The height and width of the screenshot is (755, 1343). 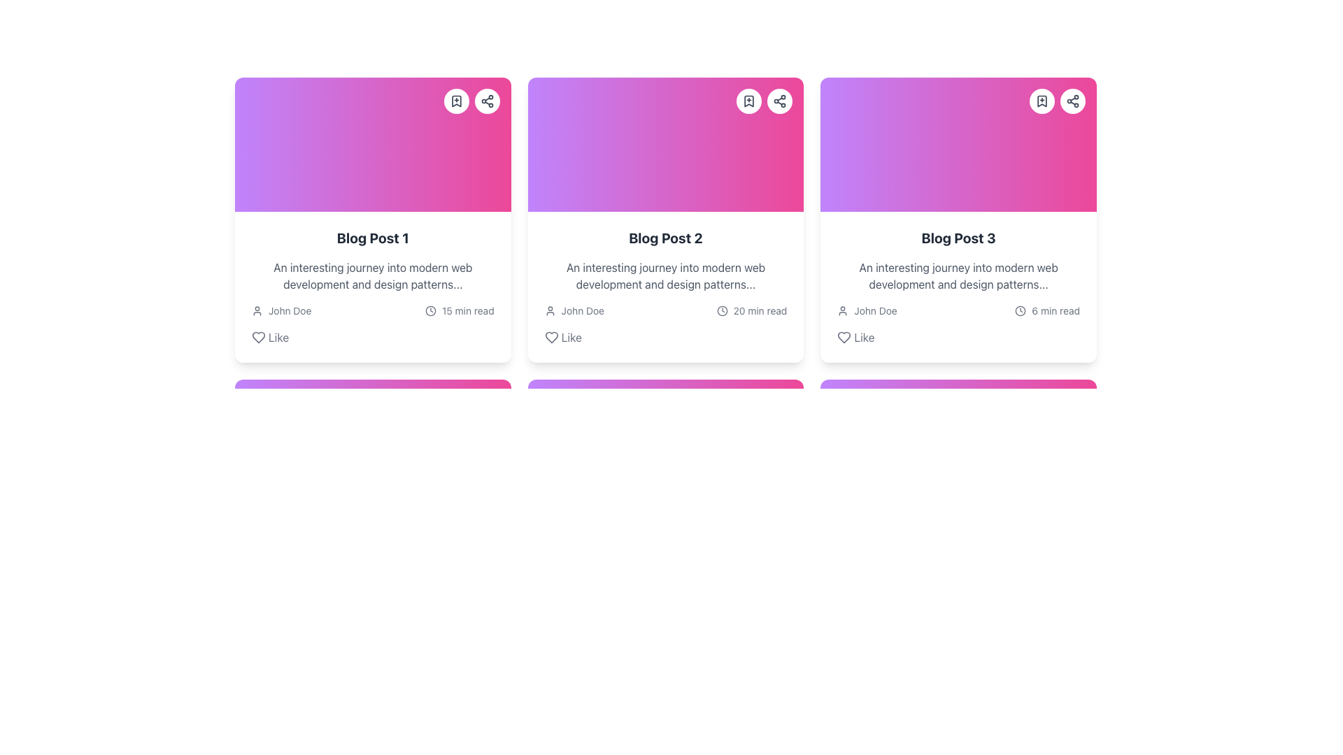 I want to click on the text label that indicates the estimated reading time, located in the lower-right of the first card from the left in a horizontal set of cards, so click(x=468, y=310).